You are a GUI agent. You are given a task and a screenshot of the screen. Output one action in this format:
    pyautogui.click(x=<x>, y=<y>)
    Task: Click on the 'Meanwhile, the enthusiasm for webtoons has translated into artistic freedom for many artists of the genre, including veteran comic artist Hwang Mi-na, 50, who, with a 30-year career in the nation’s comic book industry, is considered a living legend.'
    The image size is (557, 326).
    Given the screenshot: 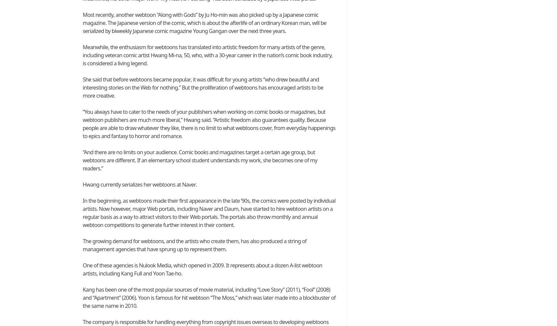 What is the action you would take?
    pyautogui.click(x=83, y=55)
    